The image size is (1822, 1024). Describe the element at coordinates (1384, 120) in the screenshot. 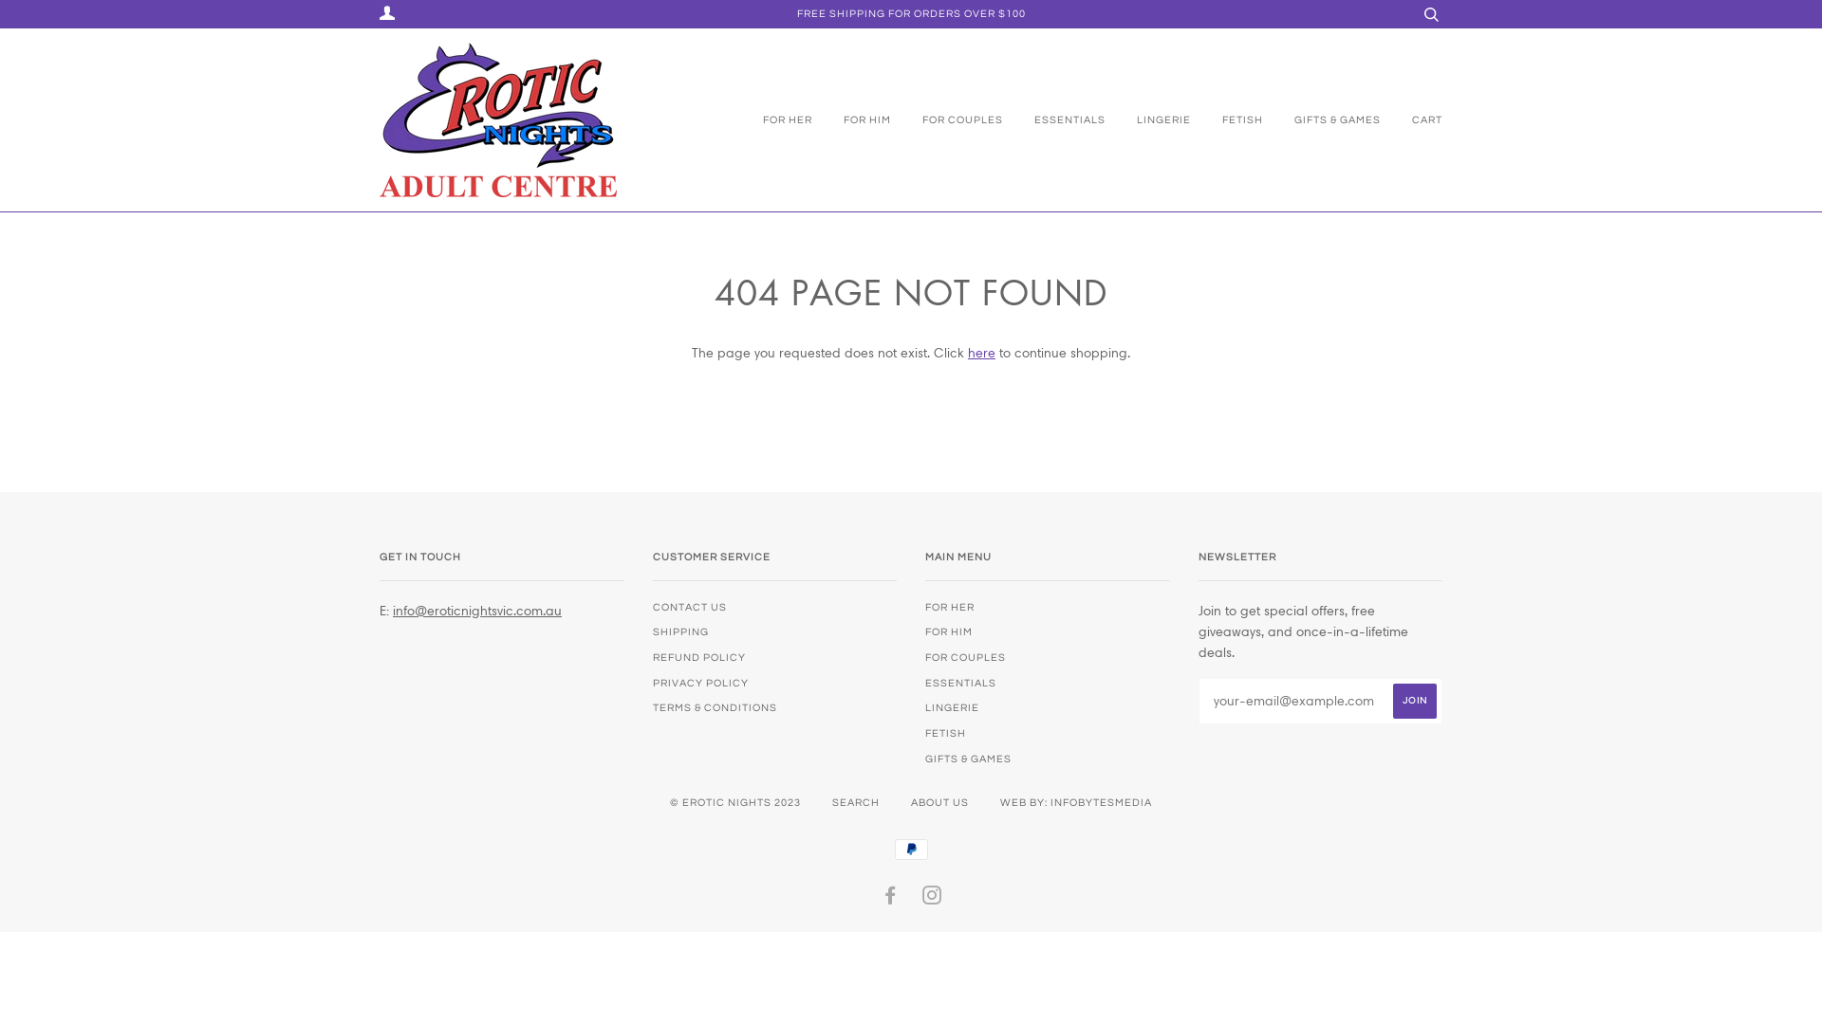

I see `'CART'` at that location.